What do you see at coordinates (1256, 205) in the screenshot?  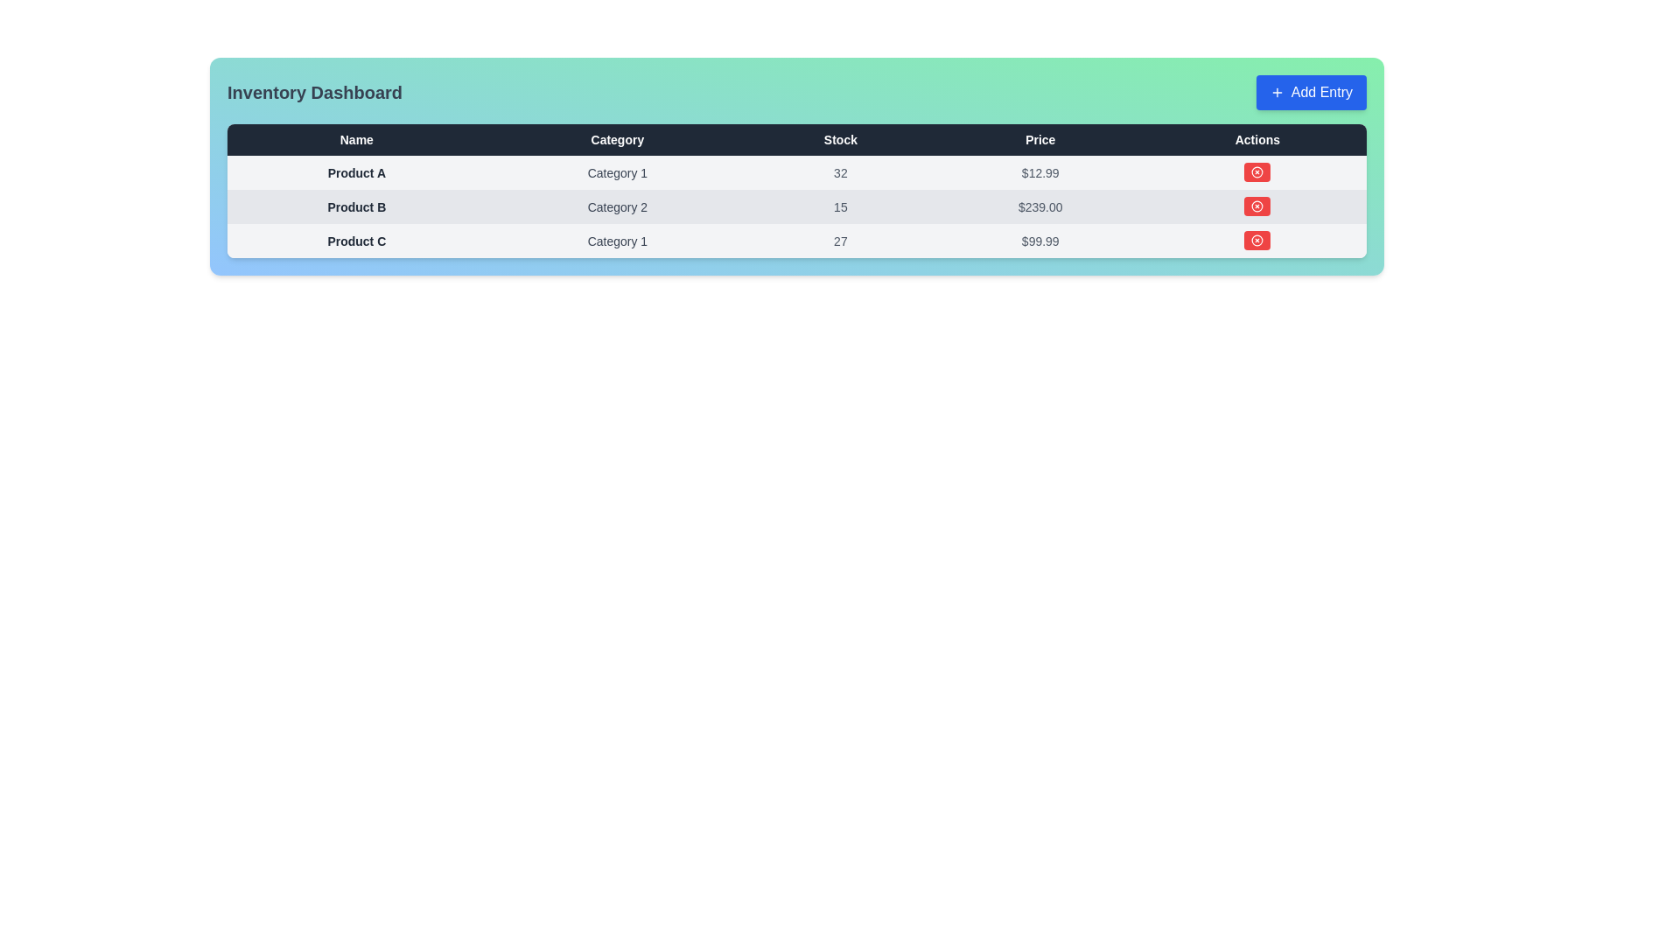 I see `the inner circle of the delete button for 'Product B' in the second row of the Actions column in the data table` at bounding box center [1256, 205].